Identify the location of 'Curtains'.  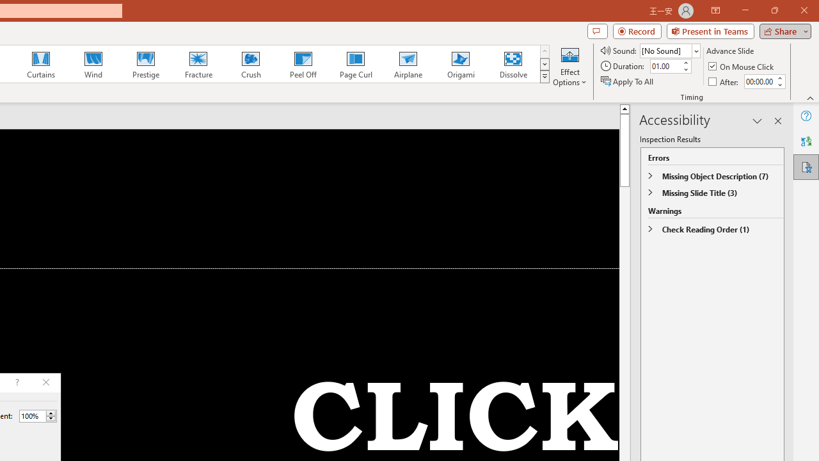
(41, 64).